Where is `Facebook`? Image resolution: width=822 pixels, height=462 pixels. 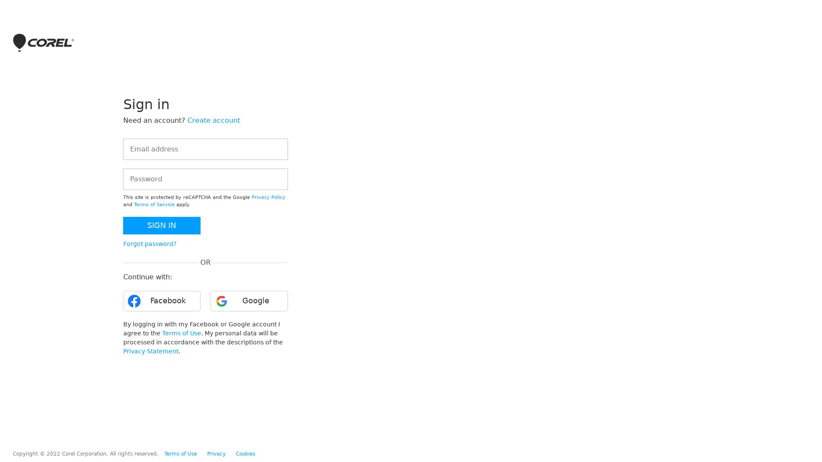 Facebook is located at coordinates (161, 301).